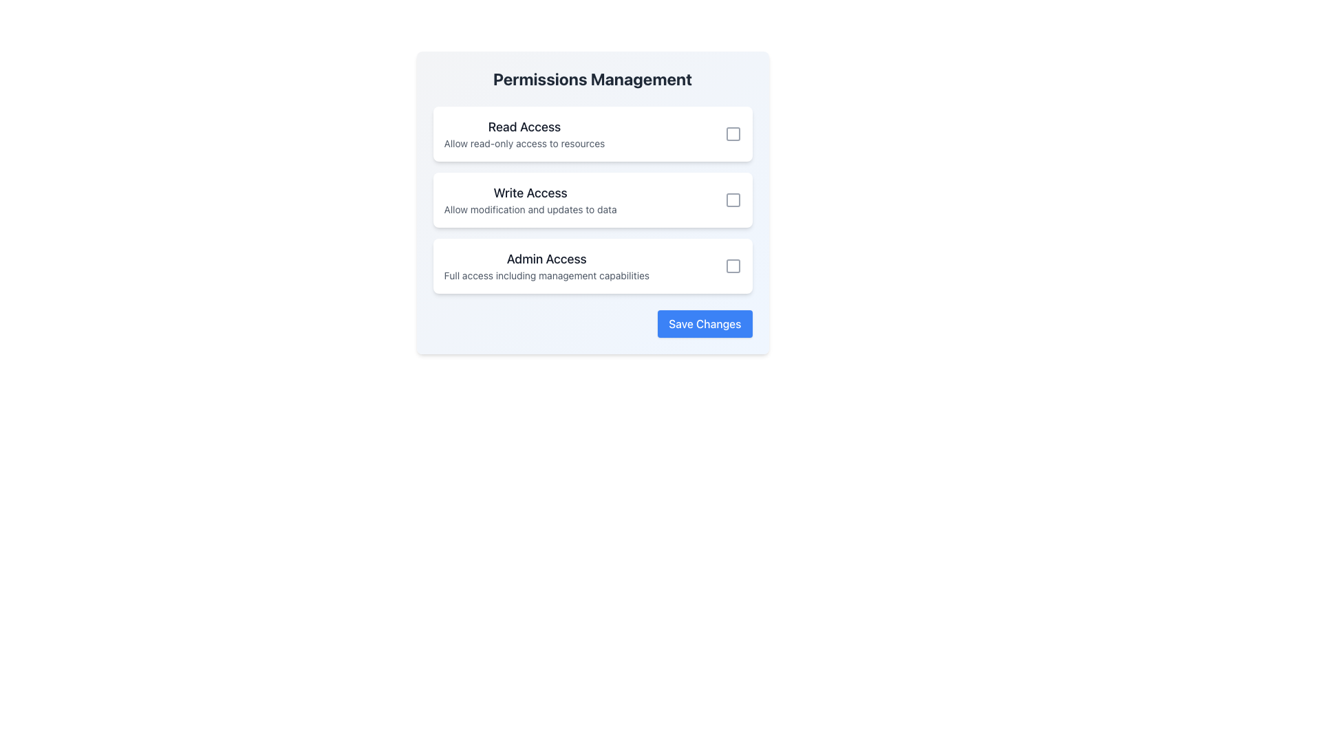 This screenshot has height=743, width=1321. Describe the element at coordinates (524, 143) in the screenshot. I see `text label that describes 'Read Access' permission, which indicates it provides read-only access to resources` at that location.